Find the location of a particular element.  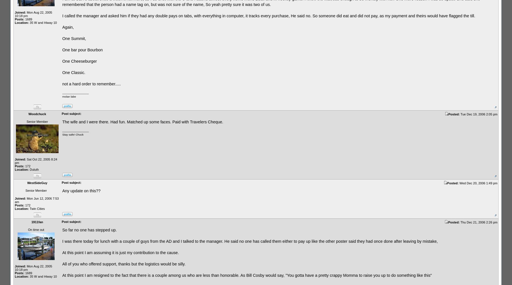

'One Classic.' is located at coordinates (73, 72).